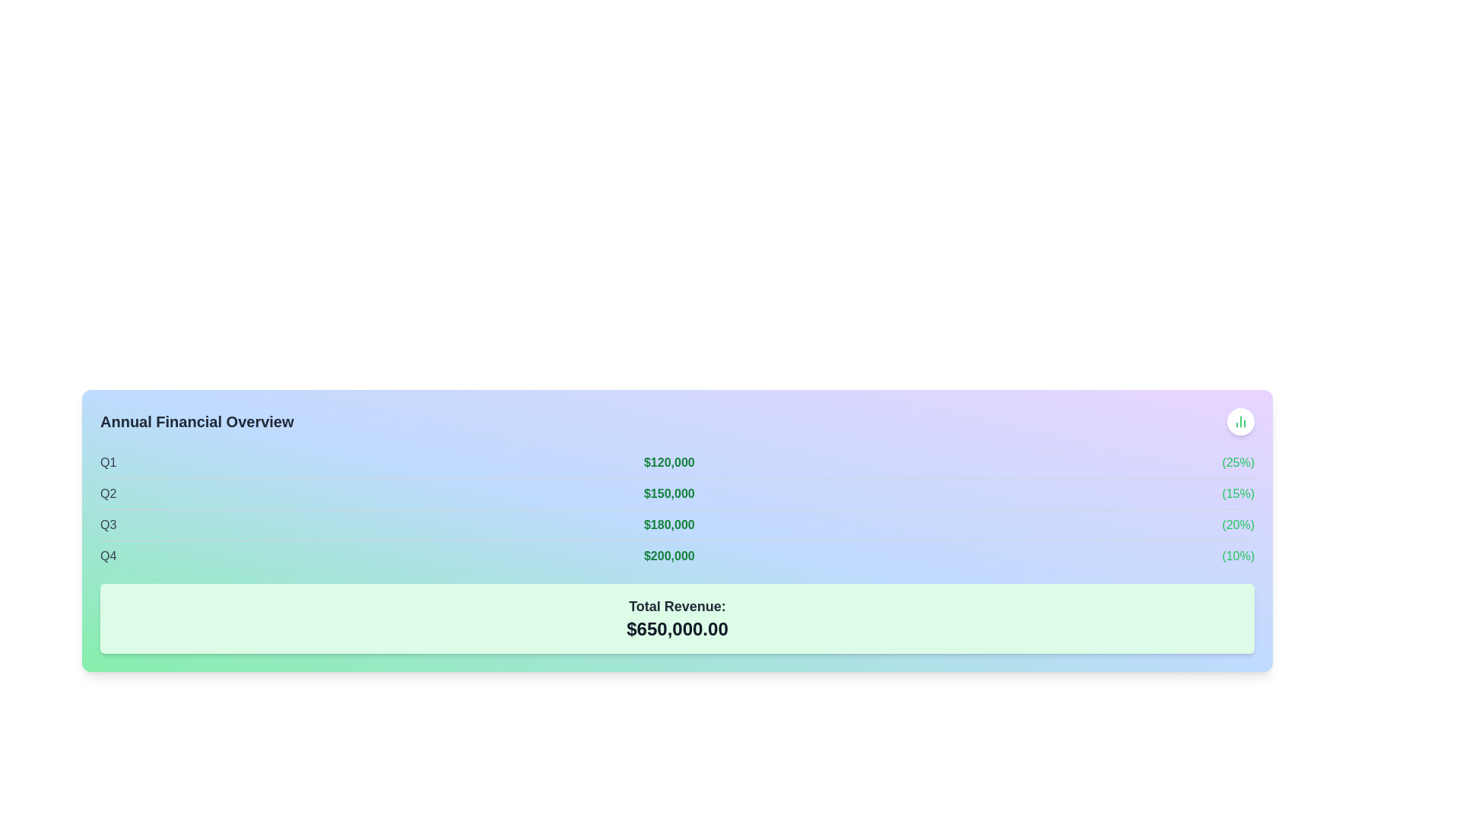 The width and height of the screenshot is (1460, 821). What do you see at coordinates (1238, 524) in the screenshot?
I see `the text label displaying '(20%)' in green color, which is aligned with 'Q3' and '$180,000'` at bounding box center [1238, 524].